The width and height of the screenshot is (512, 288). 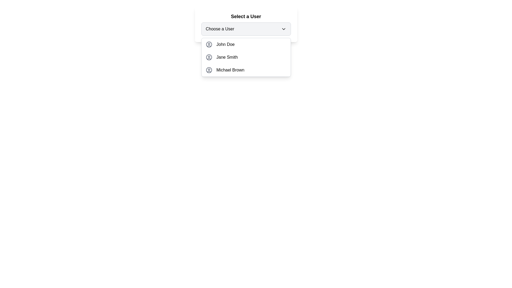 I want to click on the user profile icon located to the left of the text 'Jane Smith' in the dropdown menu, so click(x=209, y=57).